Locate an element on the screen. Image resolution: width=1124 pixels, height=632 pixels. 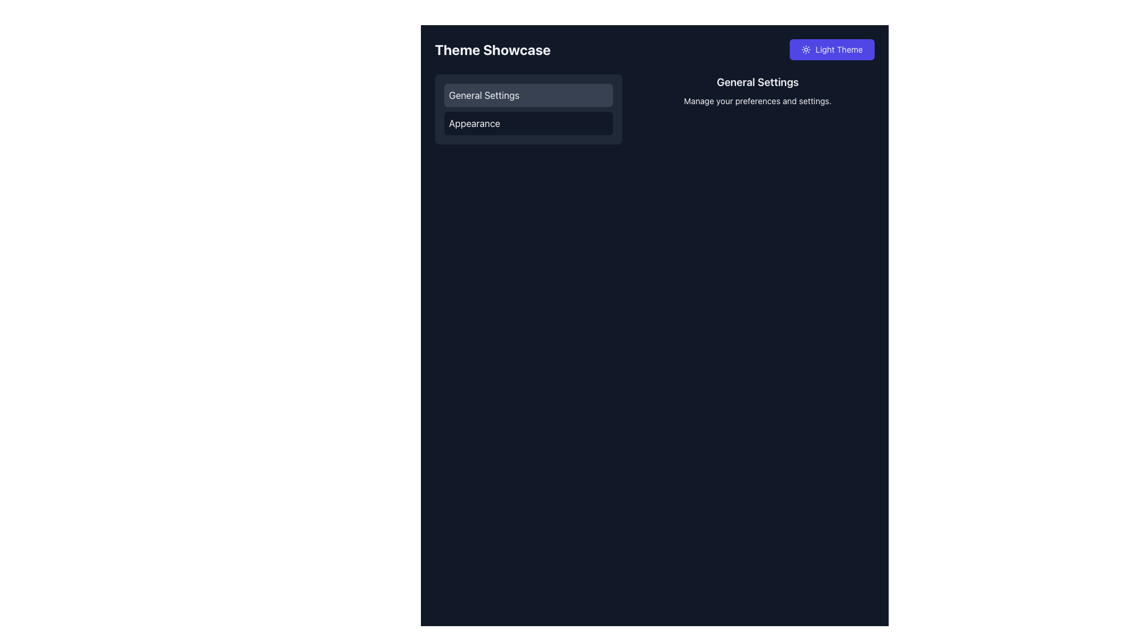
the button located in the top-right corner of the application interface to observe a UI effect, which switches the theme setting to a light theme is located at coordinates (831, 49).